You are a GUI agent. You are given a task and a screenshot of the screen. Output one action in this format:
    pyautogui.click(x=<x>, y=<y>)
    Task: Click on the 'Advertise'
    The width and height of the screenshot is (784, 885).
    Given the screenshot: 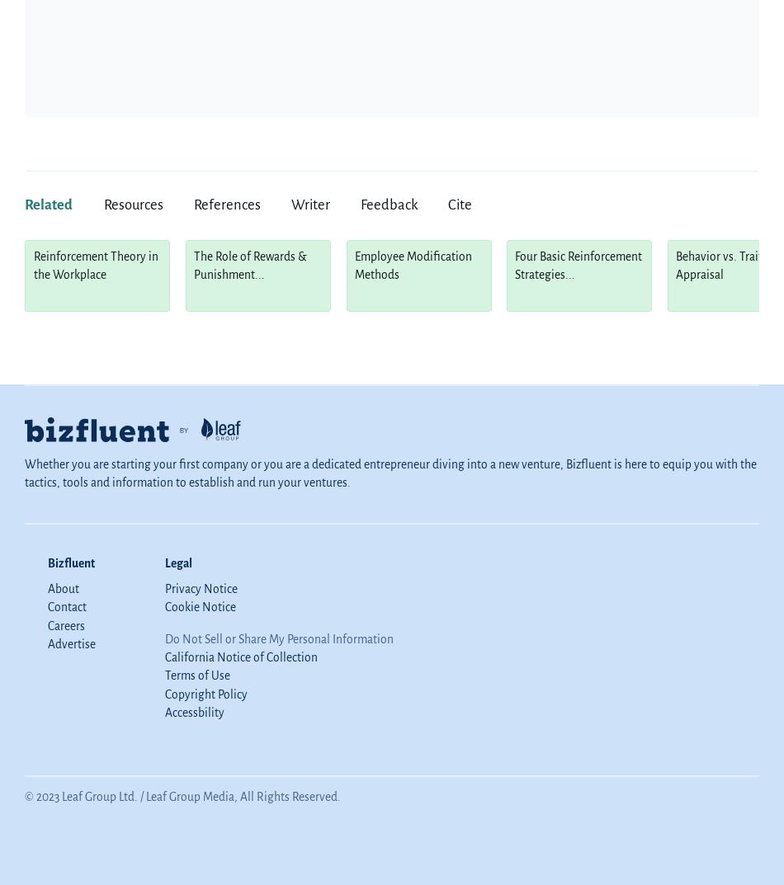 What is the action you would take?
    pyautogui.click(x=72, y=643)
    